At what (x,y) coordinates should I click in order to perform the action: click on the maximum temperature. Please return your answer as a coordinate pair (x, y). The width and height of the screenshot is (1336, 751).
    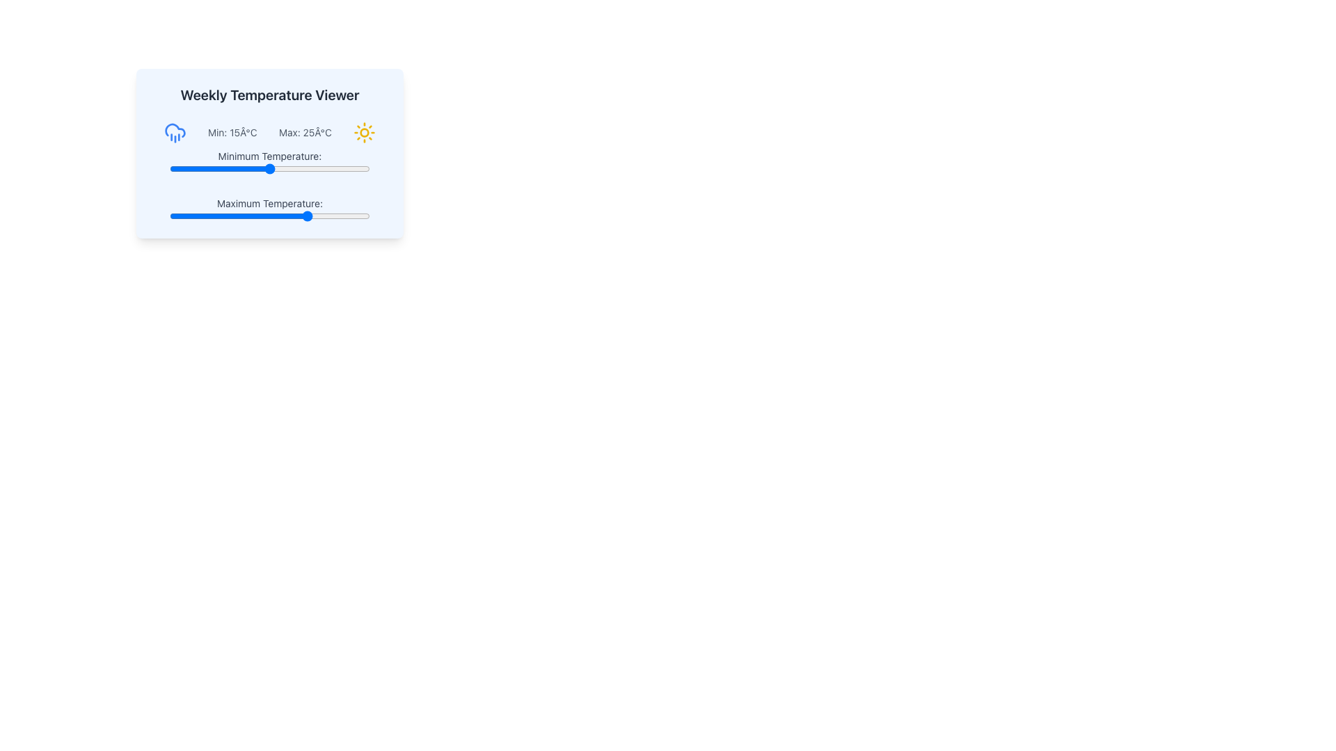
    Looking at the image, I should click on (313, 216).